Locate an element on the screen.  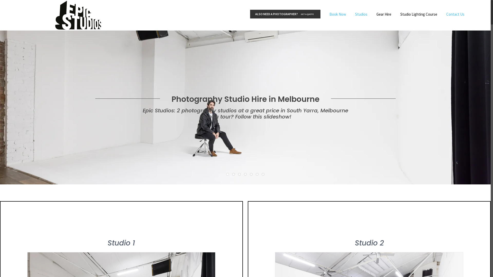
'Book Now' is located at coordinates (338, 14).